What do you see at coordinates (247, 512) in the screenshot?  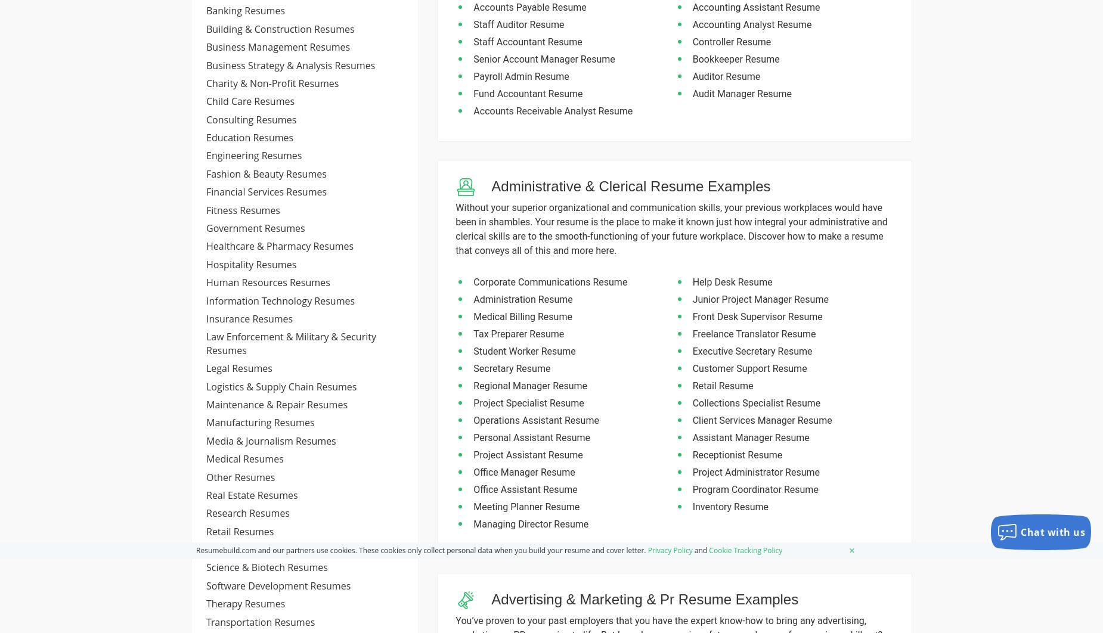 I see `'research resumes'` at bounding box center [247, 512].